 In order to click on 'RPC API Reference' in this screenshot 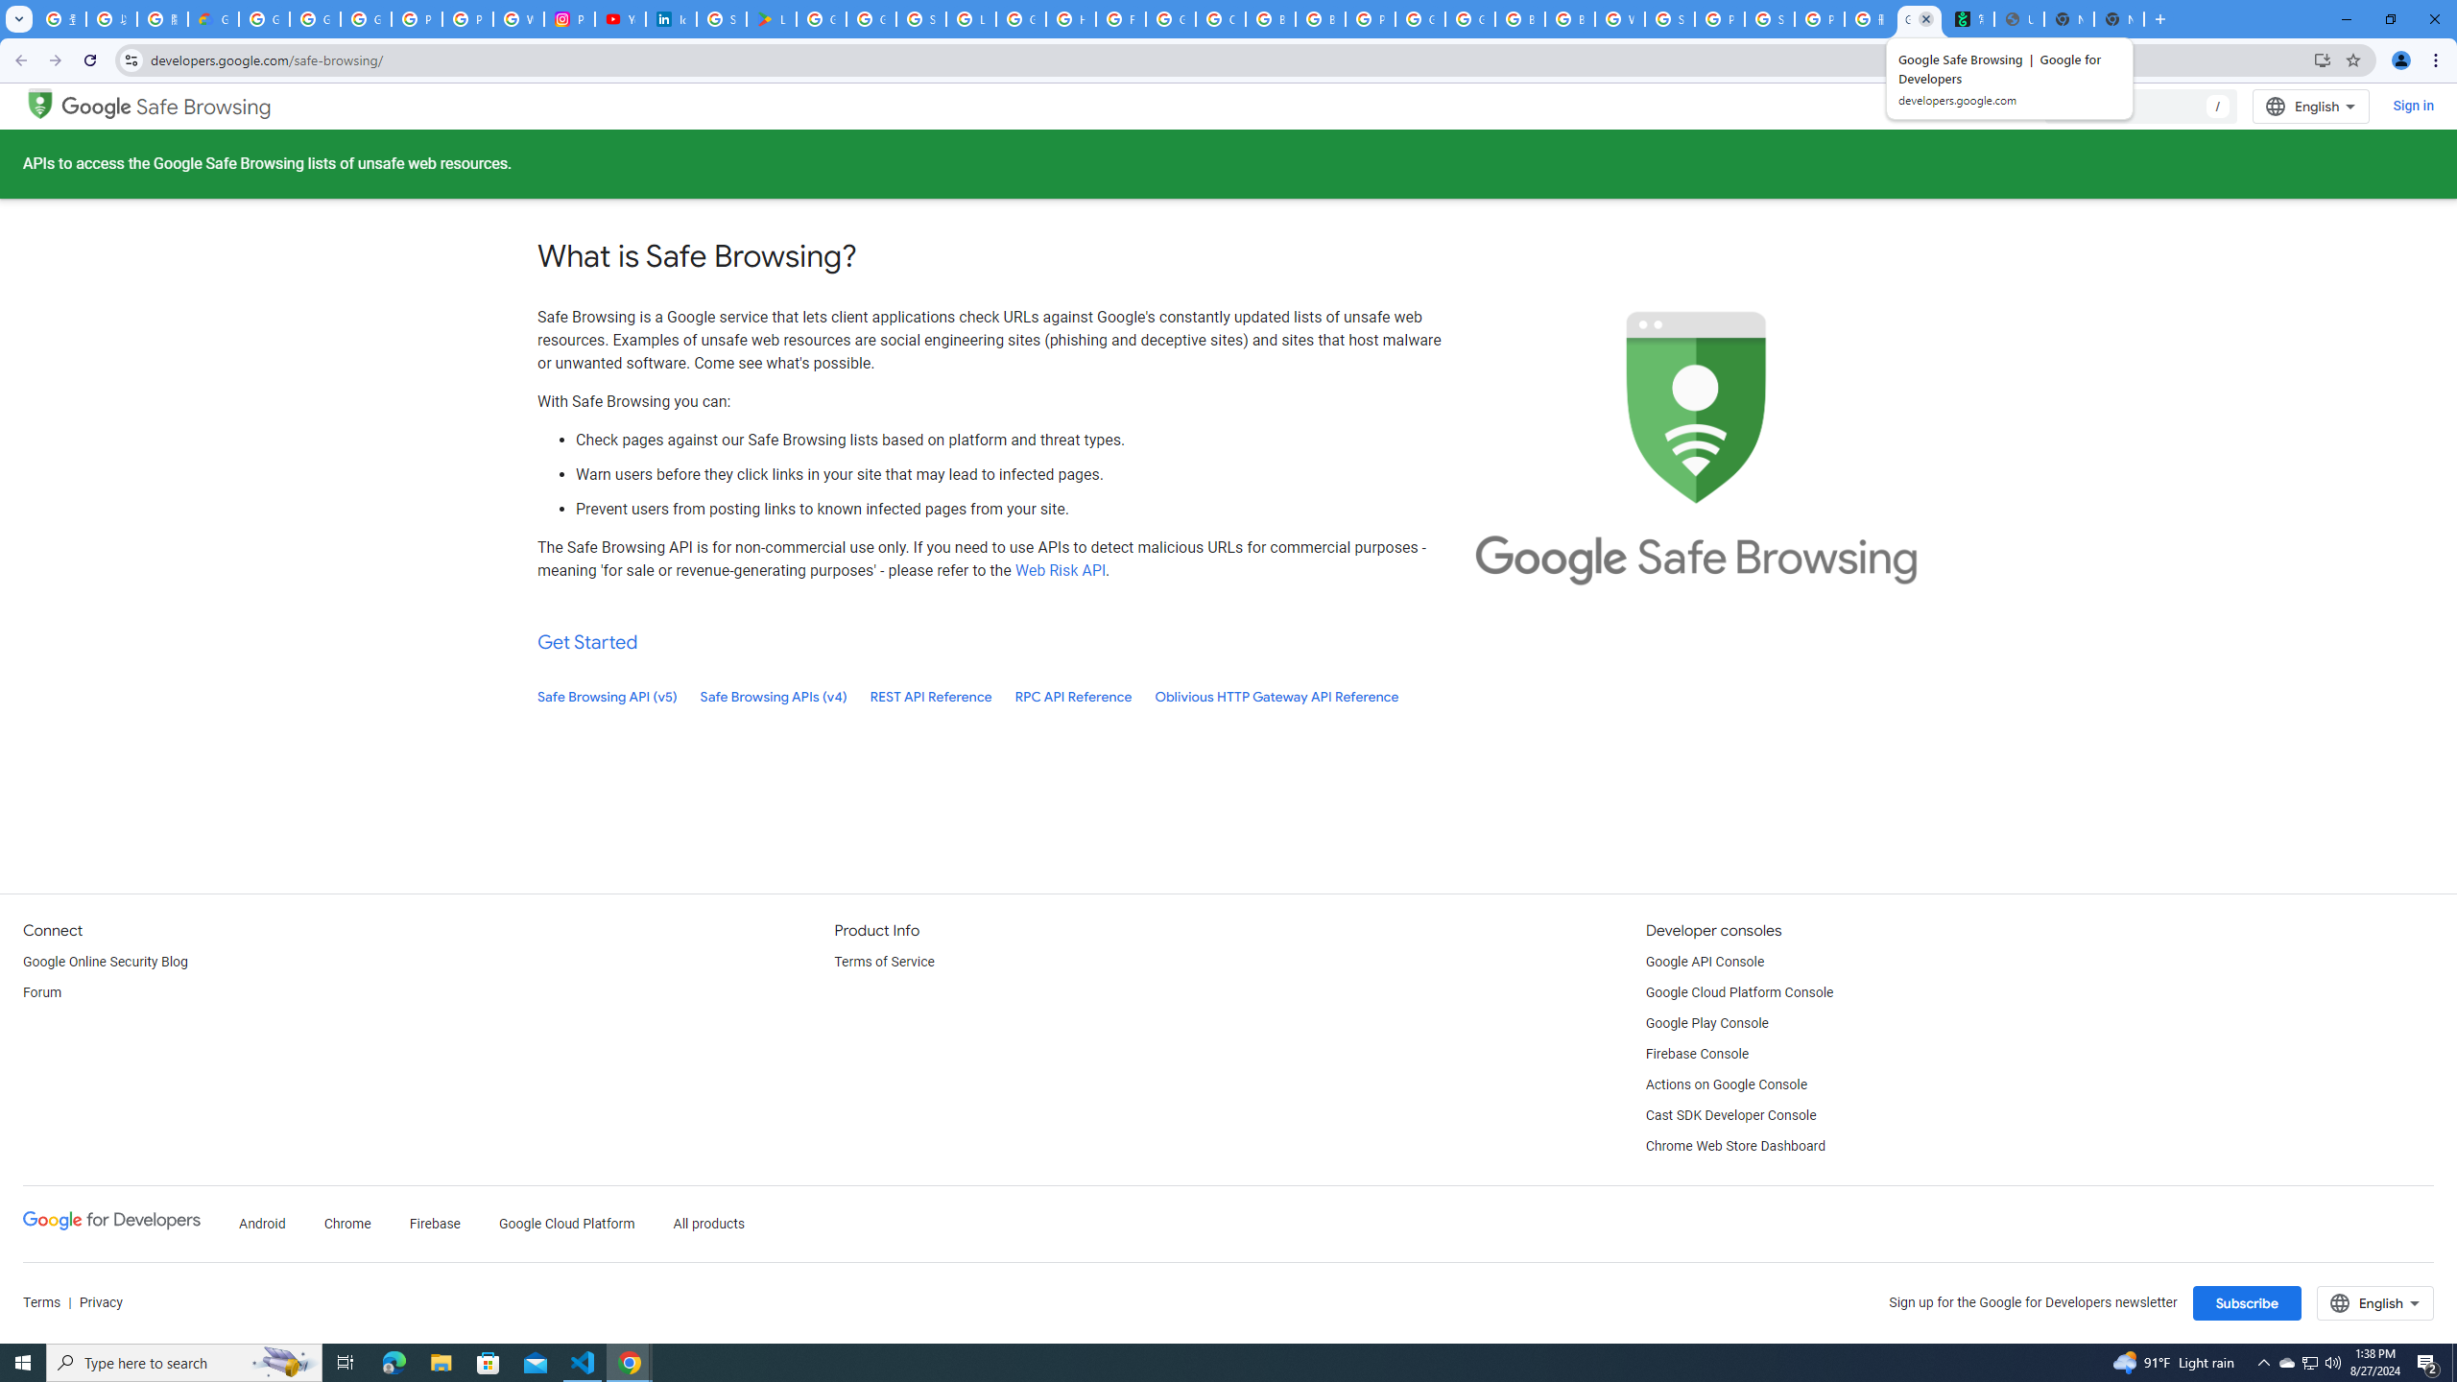, I will do `click(1072, 696)`.